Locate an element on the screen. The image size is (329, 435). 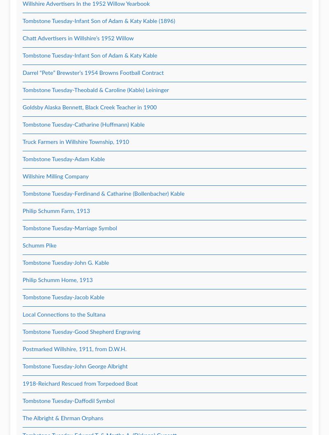
'Tombstone Tuesday-Adam Kable' is located at coordinates (63, 159).